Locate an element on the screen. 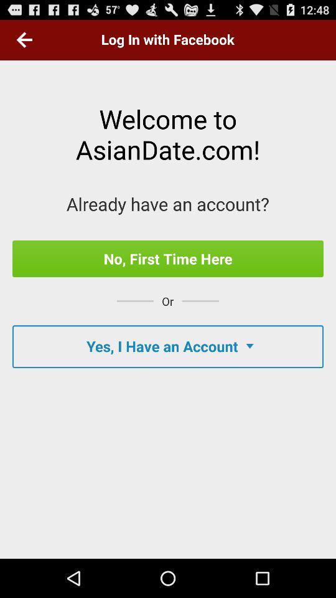  the item below the already have an icon is located at coordinates (168, 258).